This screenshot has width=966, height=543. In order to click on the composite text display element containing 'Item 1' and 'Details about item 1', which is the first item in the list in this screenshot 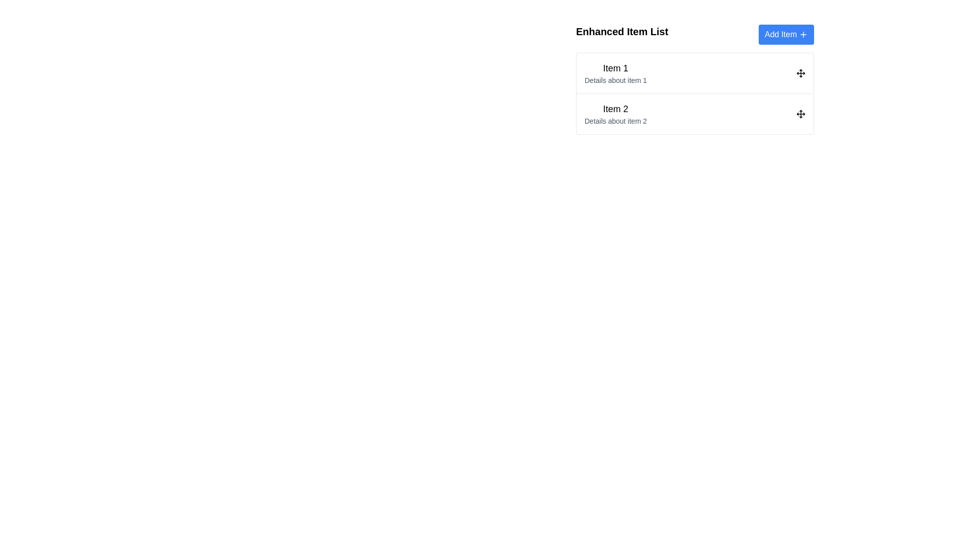, I will do `click(615, 73)`.